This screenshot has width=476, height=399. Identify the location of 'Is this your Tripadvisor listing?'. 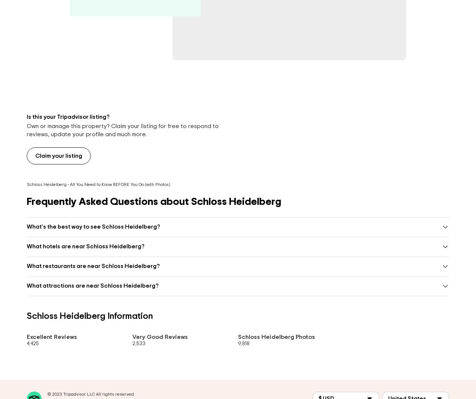
(27, 116).